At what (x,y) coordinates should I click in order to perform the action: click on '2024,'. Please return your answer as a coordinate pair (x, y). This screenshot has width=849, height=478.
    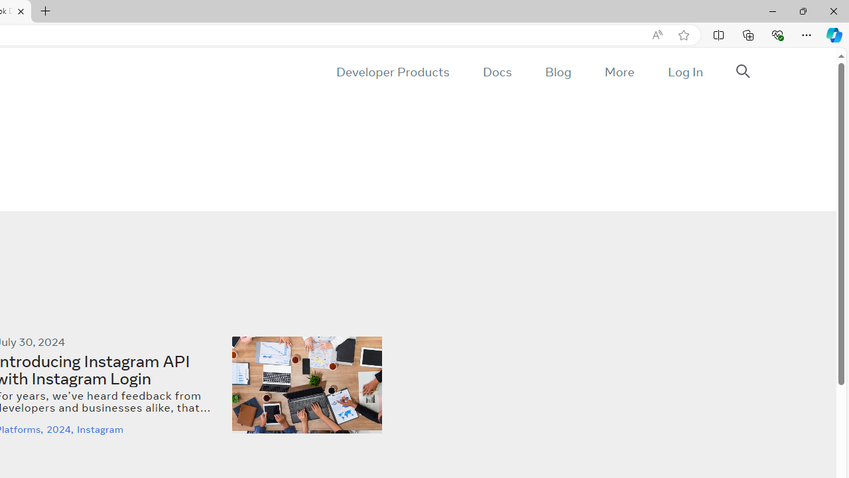
    Looking at the image, I should click on (61, 430).